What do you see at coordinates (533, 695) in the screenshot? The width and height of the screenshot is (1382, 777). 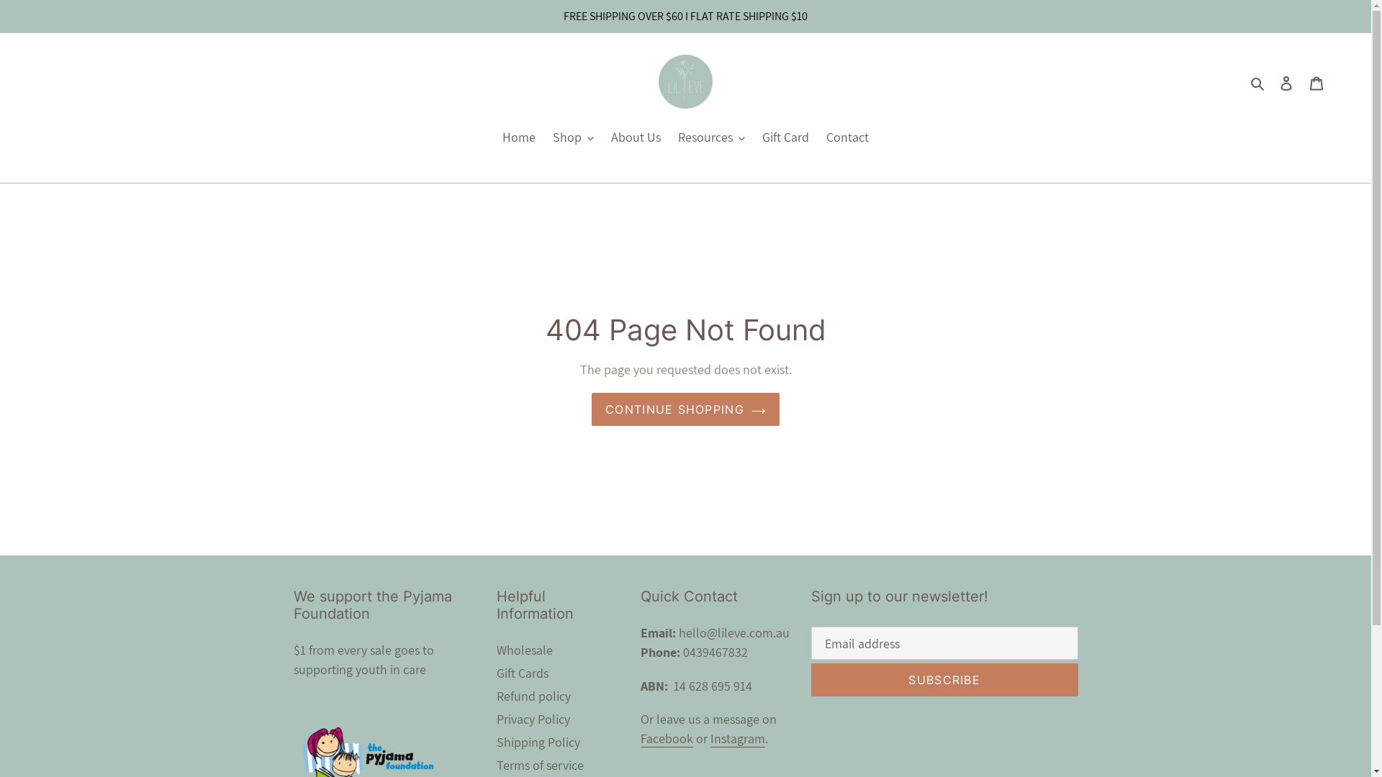 I see `'Refund policy'` at bounding box center [533, 695].